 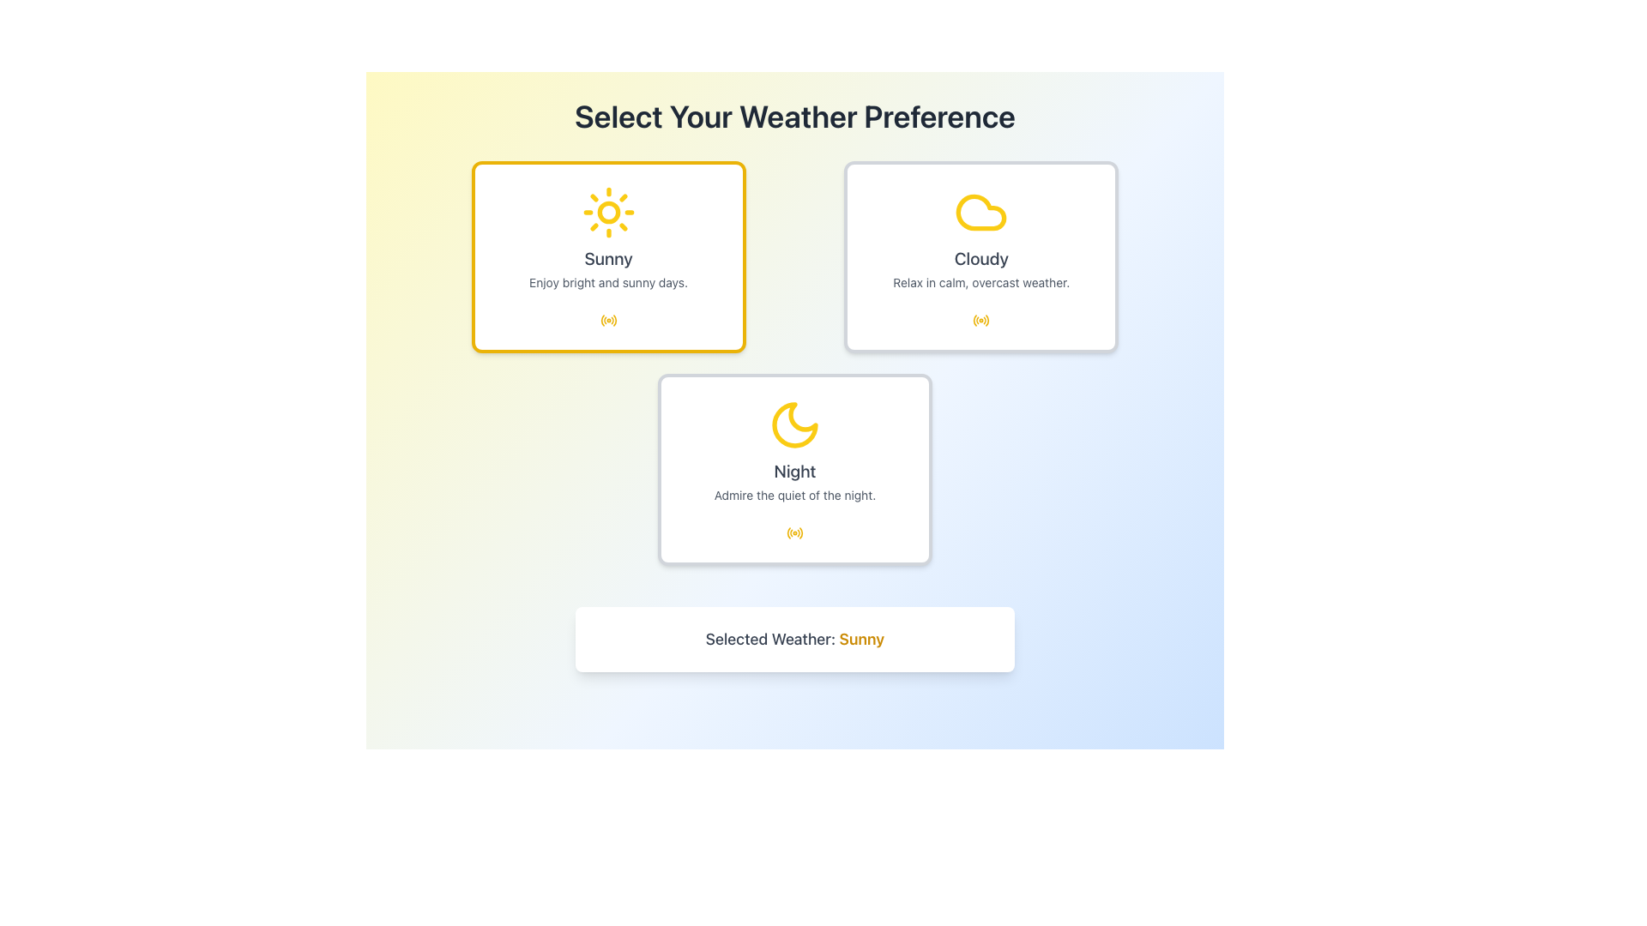 I want to click on the text display that shows the user's current weather selection, located centrally in the bottom section of the interface, so click(x=793, y=639).